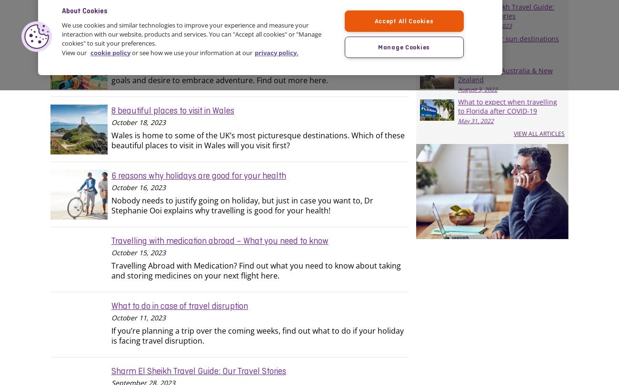  Describe the element at coordinates (179, 305) in the screenshot. I see `'What to do in case of travel disruption'` at that location.